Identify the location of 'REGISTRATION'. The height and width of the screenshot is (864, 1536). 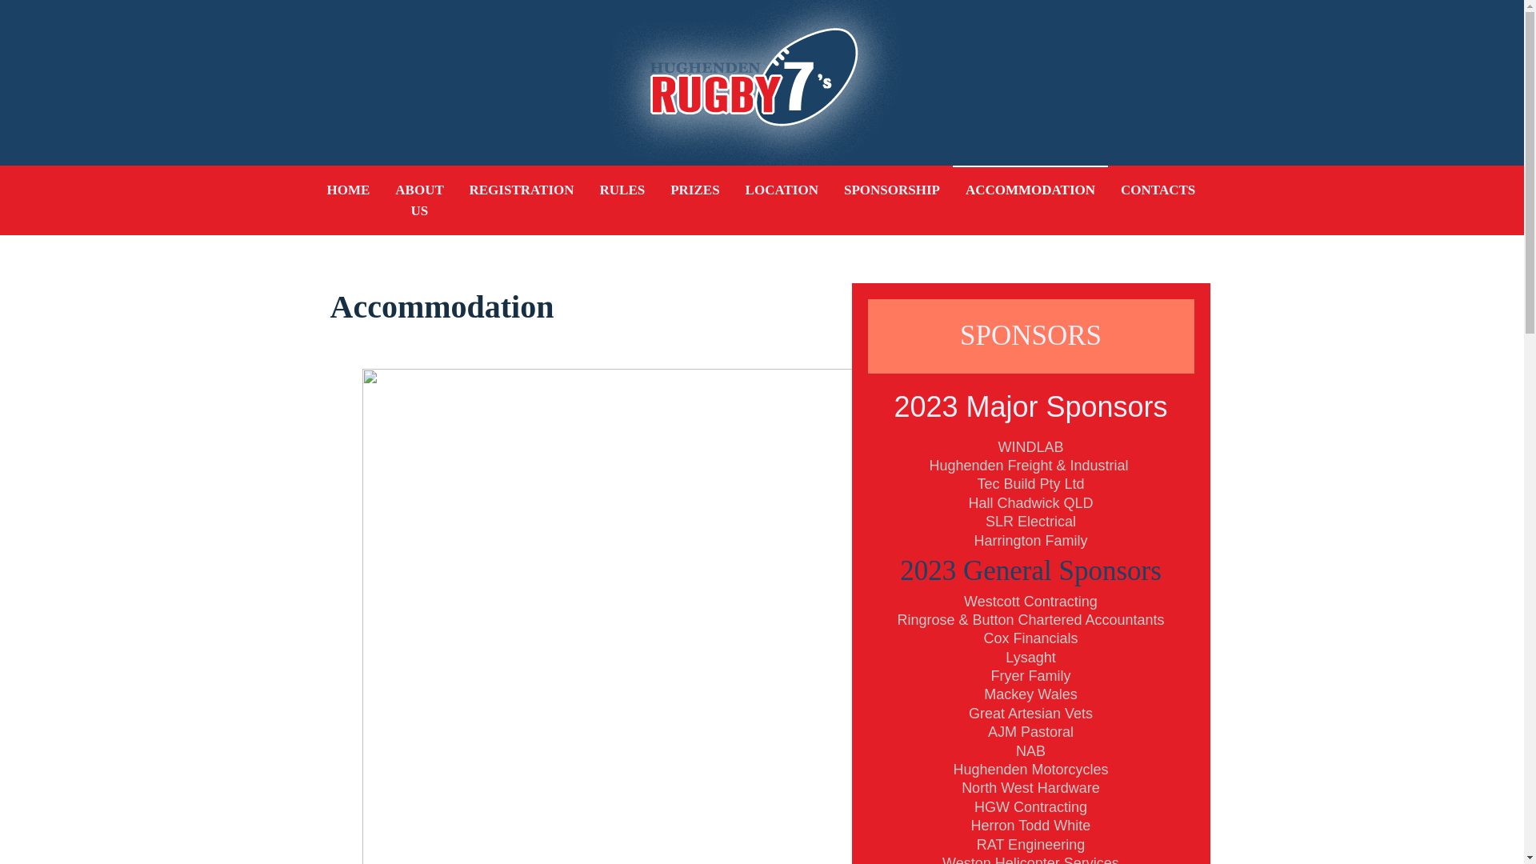
(521, 190).